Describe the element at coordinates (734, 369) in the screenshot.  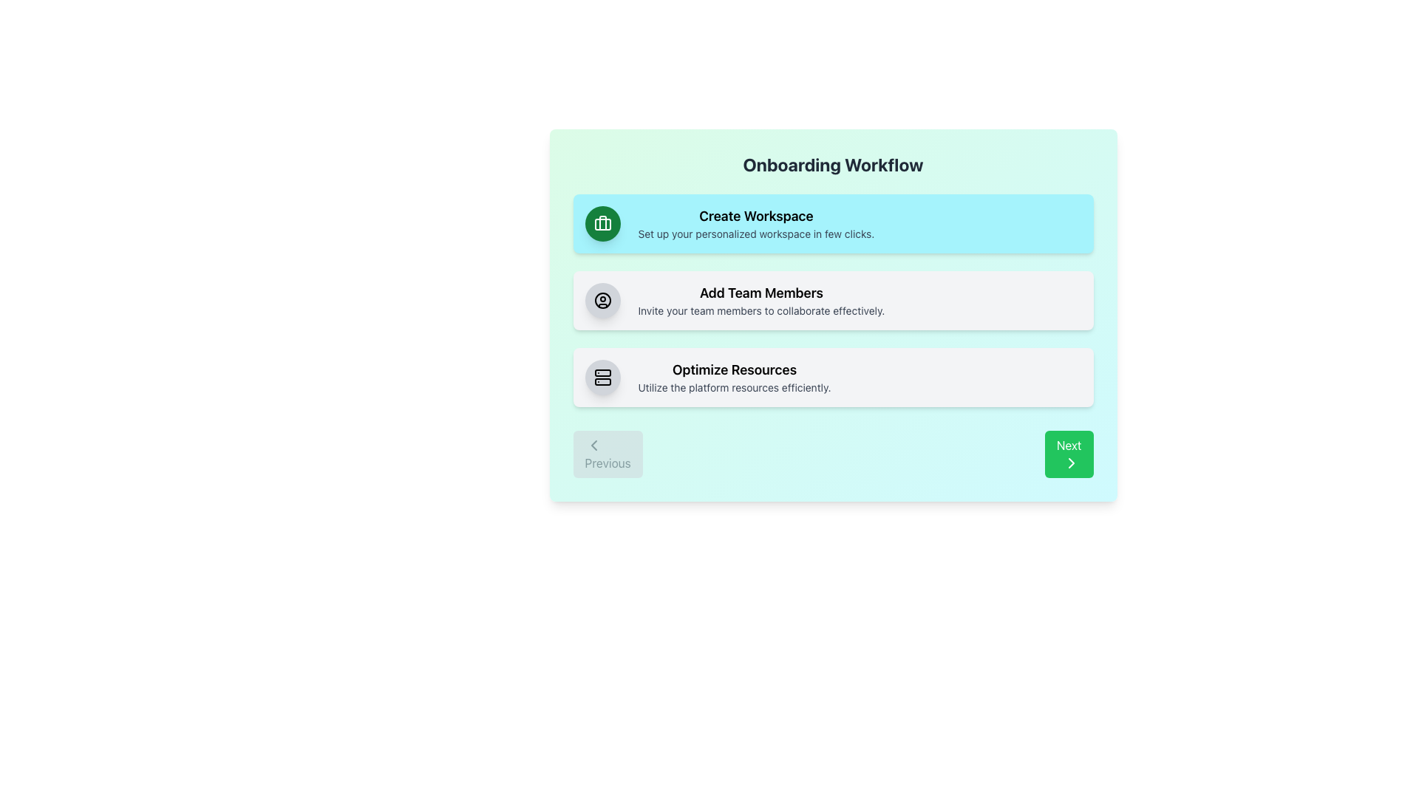
I see `the 'Optimize Resources' text label, which serves as a title for the onboarding steps in the 'Onboarding Workflow' section` at that location.